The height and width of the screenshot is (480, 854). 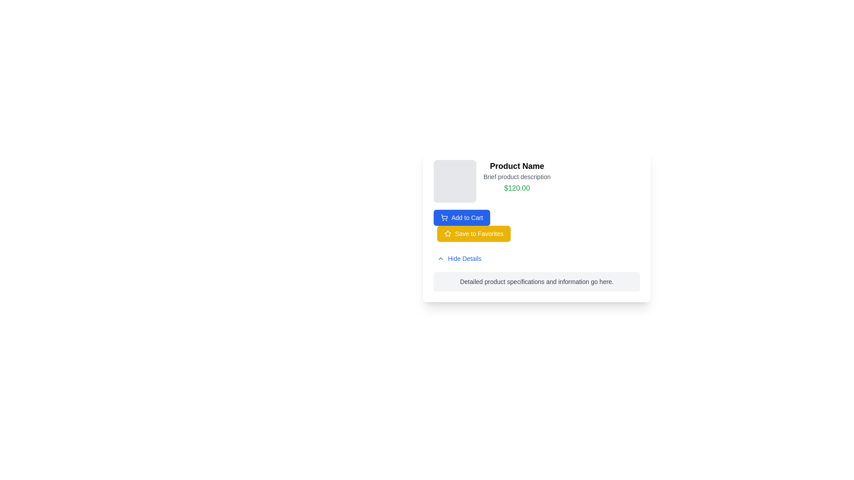 What do you see at coordinates (536, 281) in the screenshot?
I see `the Static Text Block that contains the text 'Detailed product specifications and information go here.' located at the bottom of the card layout` at bounding box center [536, 281].